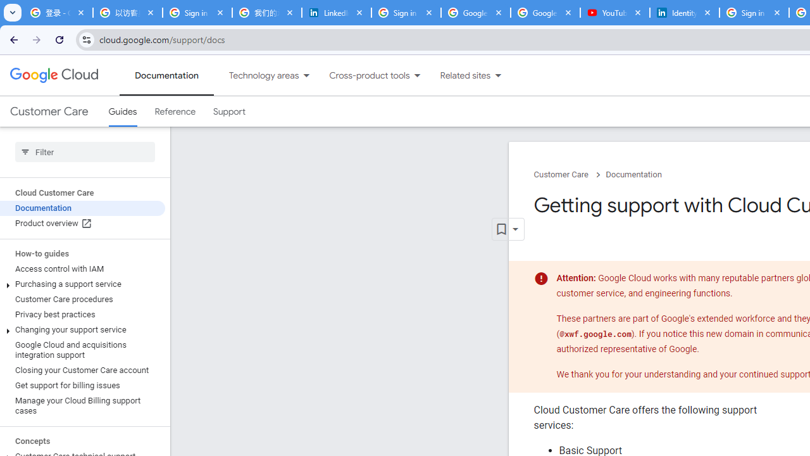 This screenshot has width=810, height=456. What do you see at coordinates (82, 283) in the screenshot?
I see `'Purchasing a support service'` at bounding box center [82, 283].